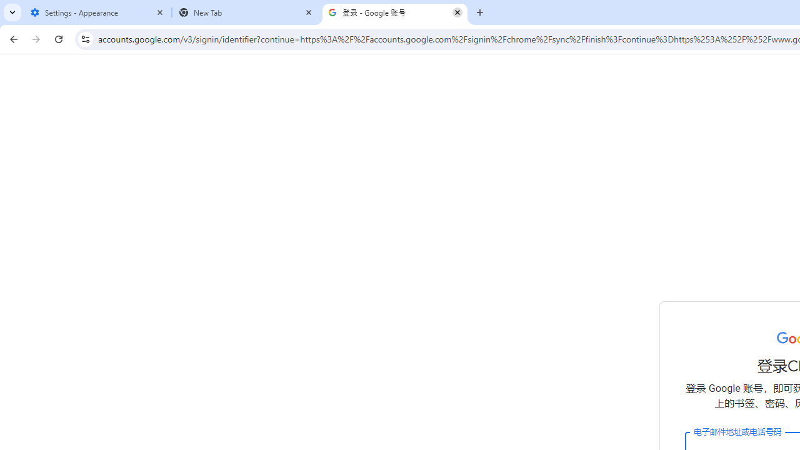 This screenshot has width=800, height=450. Describe the element at coordinates (246, 12) in the screenshot. I see `'New Tab'` at that location.